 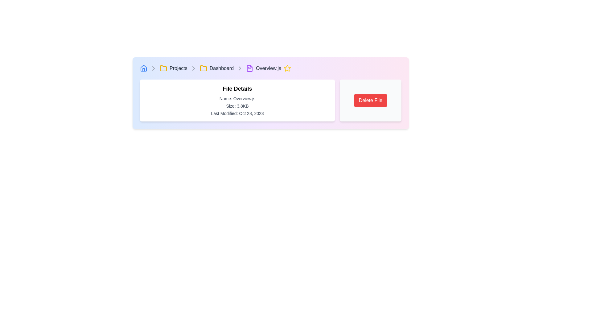 I want to click on the chevron icon in the breadcrumb navigation that separates 'Dashboard' and 'Overview.js', so click(x=239, y=68).